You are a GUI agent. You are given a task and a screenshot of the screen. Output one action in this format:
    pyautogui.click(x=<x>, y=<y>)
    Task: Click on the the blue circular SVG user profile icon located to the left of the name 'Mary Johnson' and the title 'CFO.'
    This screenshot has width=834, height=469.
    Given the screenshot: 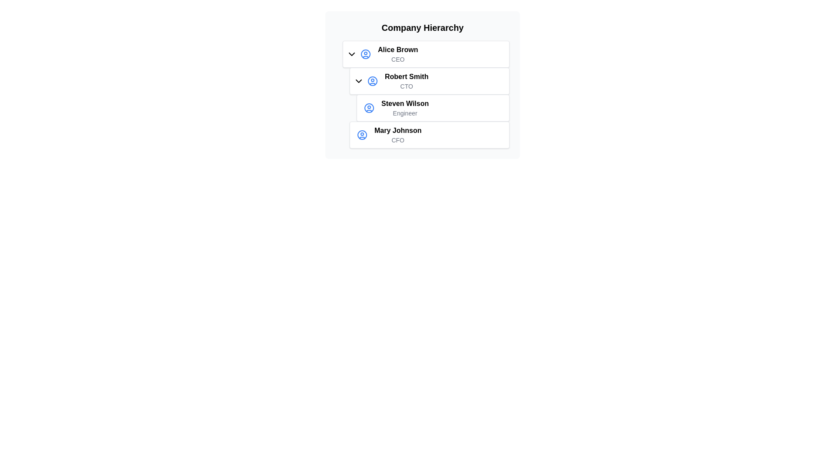 What is the action you would take?
    pyautogui.click(x=362, y=135)
    